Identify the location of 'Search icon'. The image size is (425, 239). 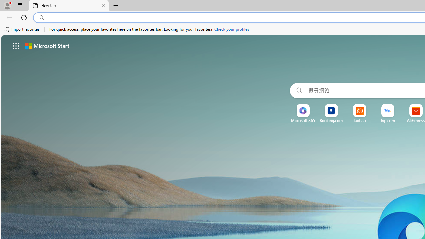
(42, 17).